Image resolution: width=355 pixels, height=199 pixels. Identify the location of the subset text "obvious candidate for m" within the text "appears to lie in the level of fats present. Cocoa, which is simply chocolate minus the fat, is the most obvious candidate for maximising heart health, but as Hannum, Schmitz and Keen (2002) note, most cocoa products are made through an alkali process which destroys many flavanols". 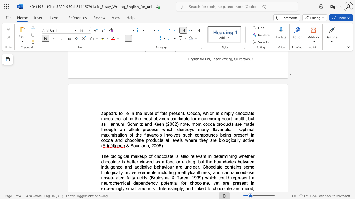
(153, 118).